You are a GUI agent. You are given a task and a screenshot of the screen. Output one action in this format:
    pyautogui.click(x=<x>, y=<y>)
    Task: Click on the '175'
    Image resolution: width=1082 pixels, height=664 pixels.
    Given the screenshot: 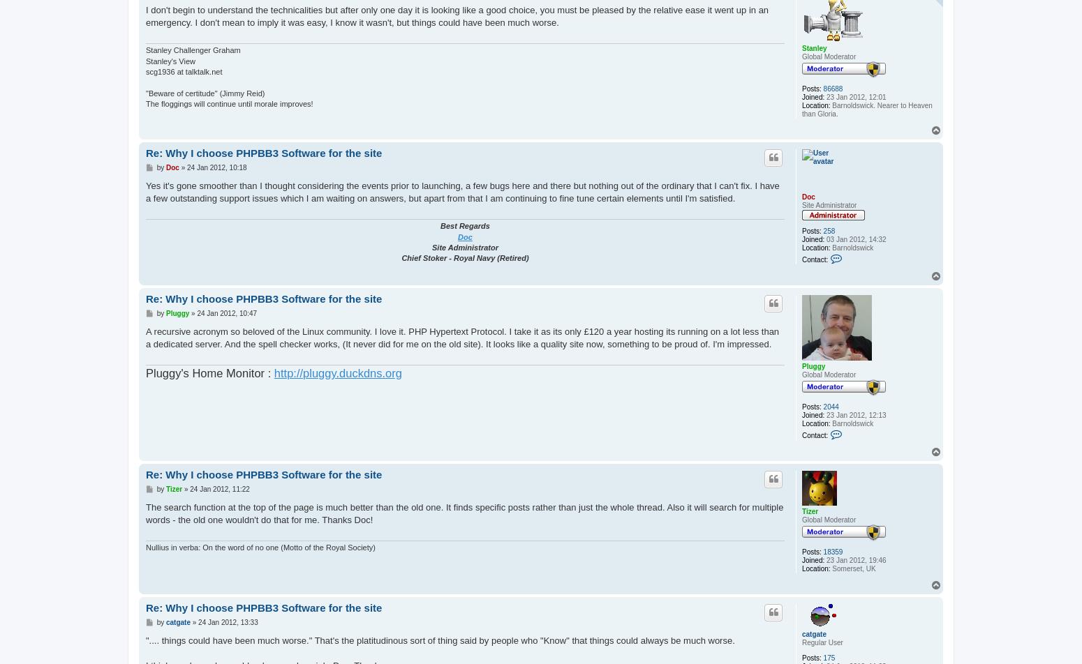 What is the action you would take?
    pyautogui.click(x=822, y=658)
    